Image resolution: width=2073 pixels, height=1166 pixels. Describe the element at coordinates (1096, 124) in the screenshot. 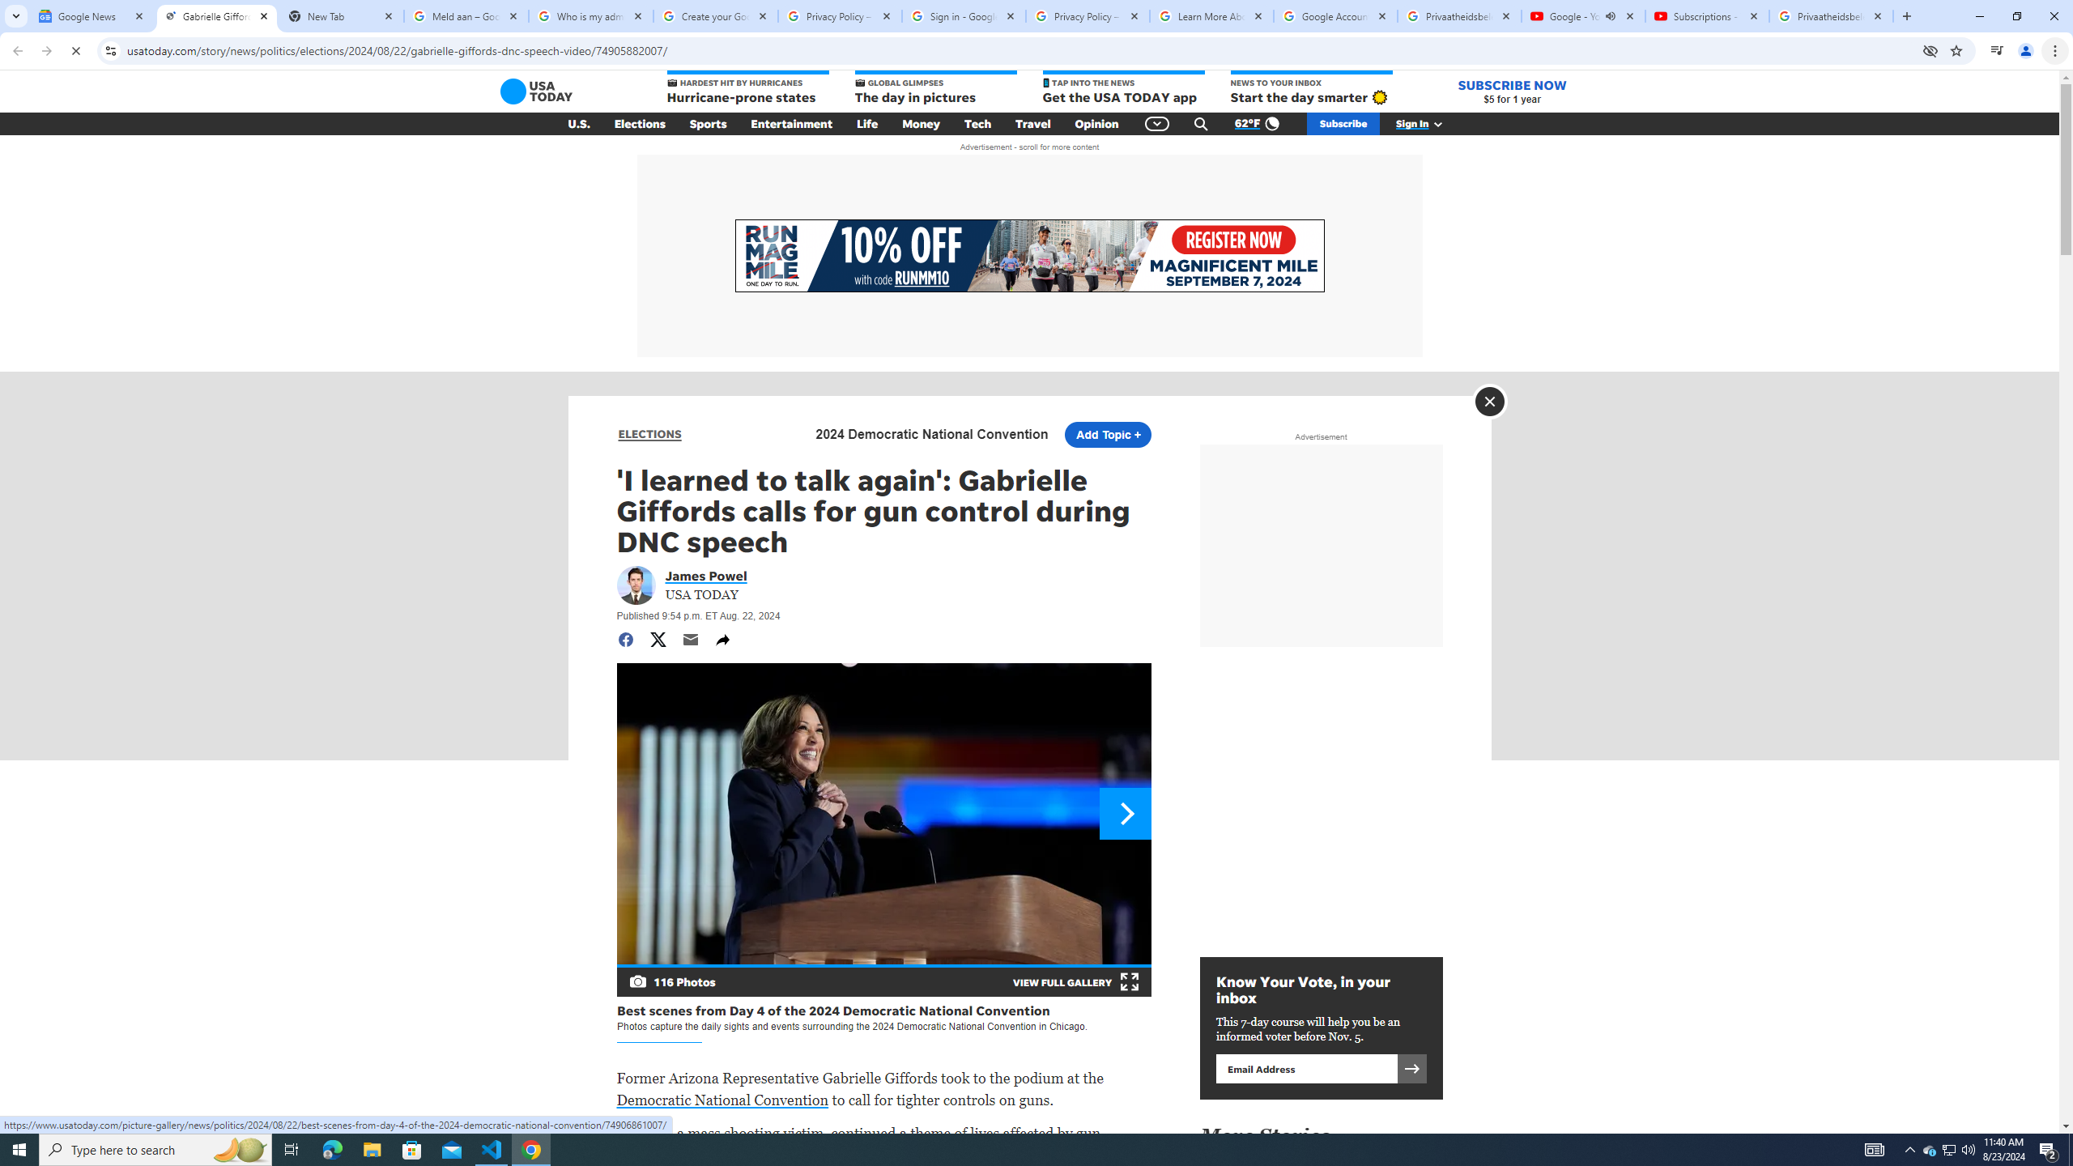

I see `'Opinion'` at that location.